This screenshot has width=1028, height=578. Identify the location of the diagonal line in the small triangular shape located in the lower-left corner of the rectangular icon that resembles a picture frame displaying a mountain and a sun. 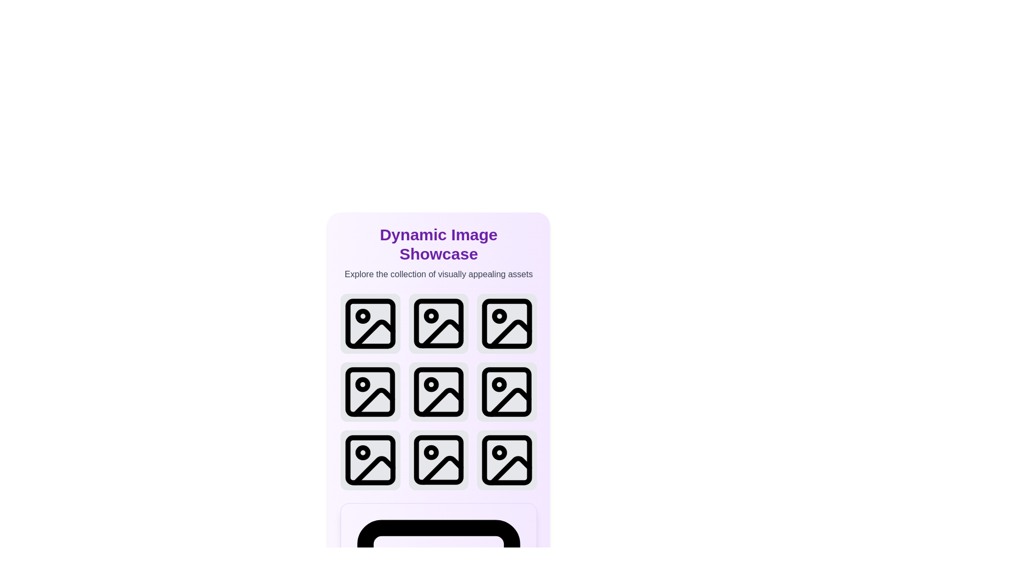
(374, 402).